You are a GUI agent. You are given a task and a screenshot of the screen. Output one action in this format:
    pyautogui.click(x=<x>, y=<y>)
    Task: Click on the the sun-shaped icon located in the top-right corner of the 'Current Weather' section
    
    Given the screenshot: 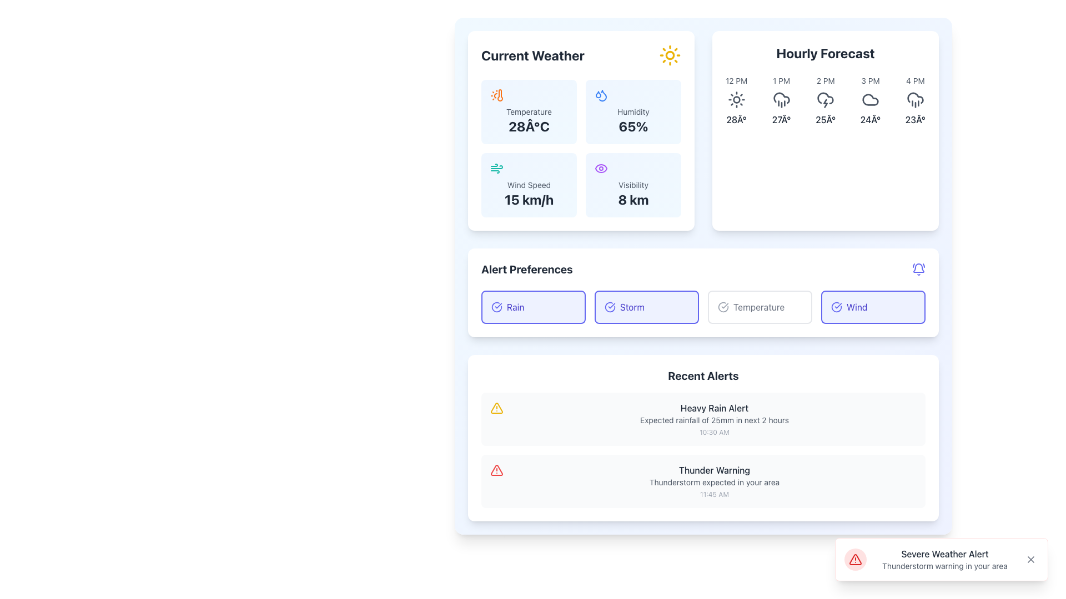 What is the action you would take?
    pyautogui.click(x=669, y=55)
    